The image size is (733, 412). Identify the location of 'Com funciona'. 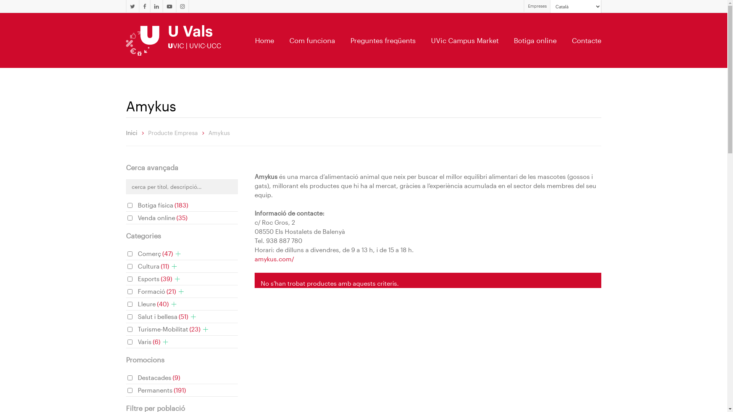
(289, 40).